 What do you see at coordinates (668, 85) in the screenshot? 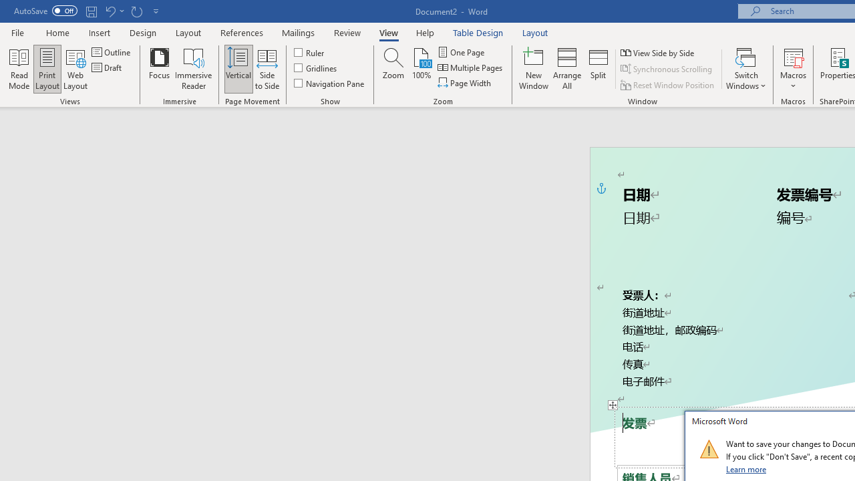
I see `'Reset Window Position'` at bounding box center [668, 85].